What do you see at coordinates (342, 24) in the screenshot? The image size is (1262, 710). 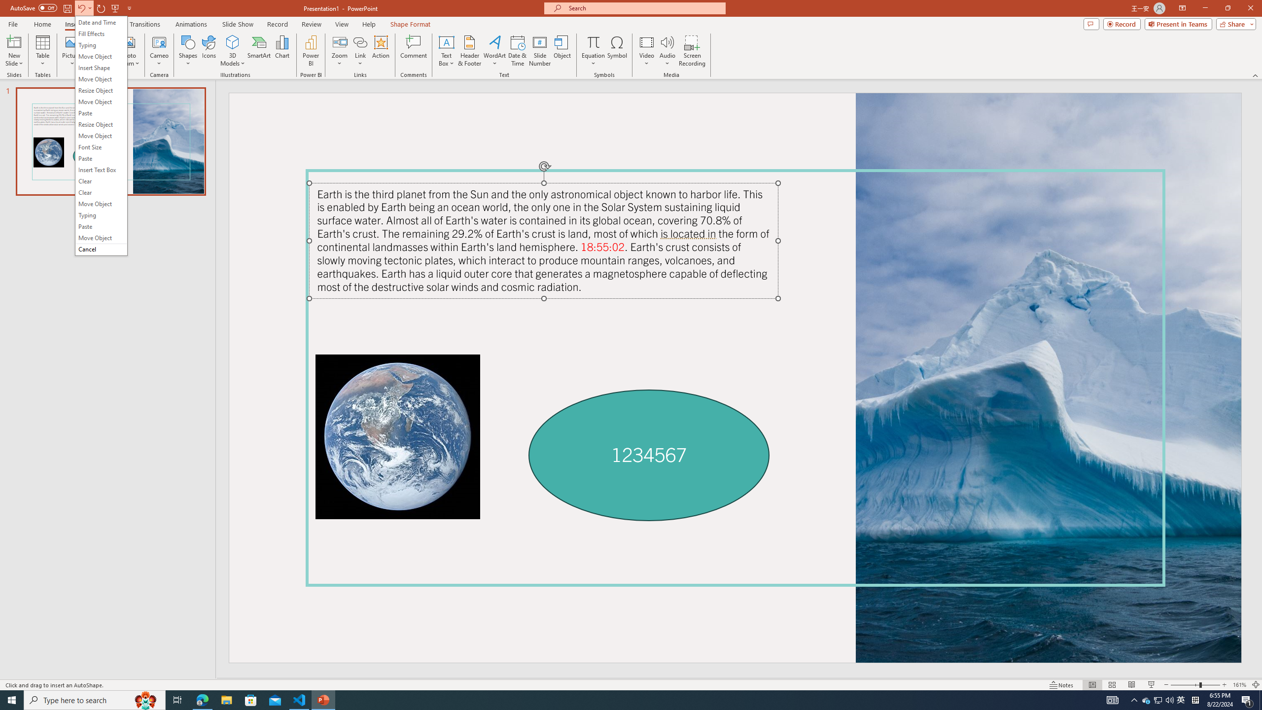 I see `'View'` at bounding box center [342, 24].